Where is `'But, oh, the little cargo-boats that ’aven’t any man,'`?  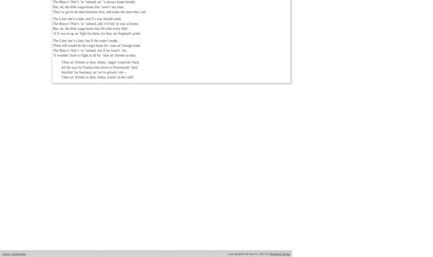
'But, oh, the little cargo-boats that ’aven’t any man,' is located at coordinates (88, 7).